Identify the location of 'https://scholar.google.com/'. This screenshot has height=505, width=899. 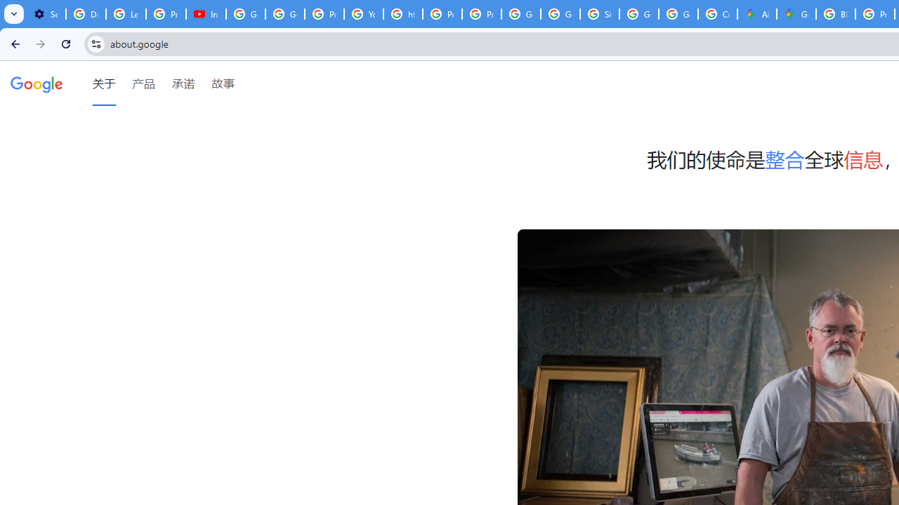
(402, 14).